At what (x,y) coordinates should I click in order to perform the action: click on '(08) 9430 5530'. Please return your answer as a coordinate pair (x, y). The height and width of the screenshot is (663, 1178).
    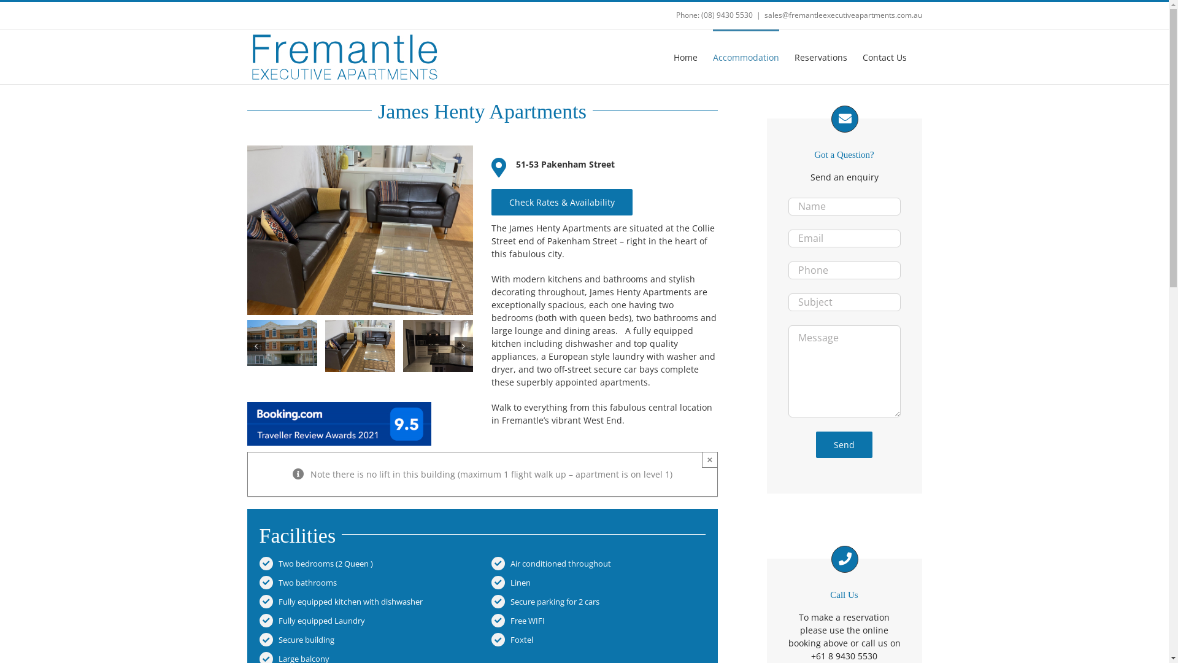
    Looking at the image, I should click on (726, 15).